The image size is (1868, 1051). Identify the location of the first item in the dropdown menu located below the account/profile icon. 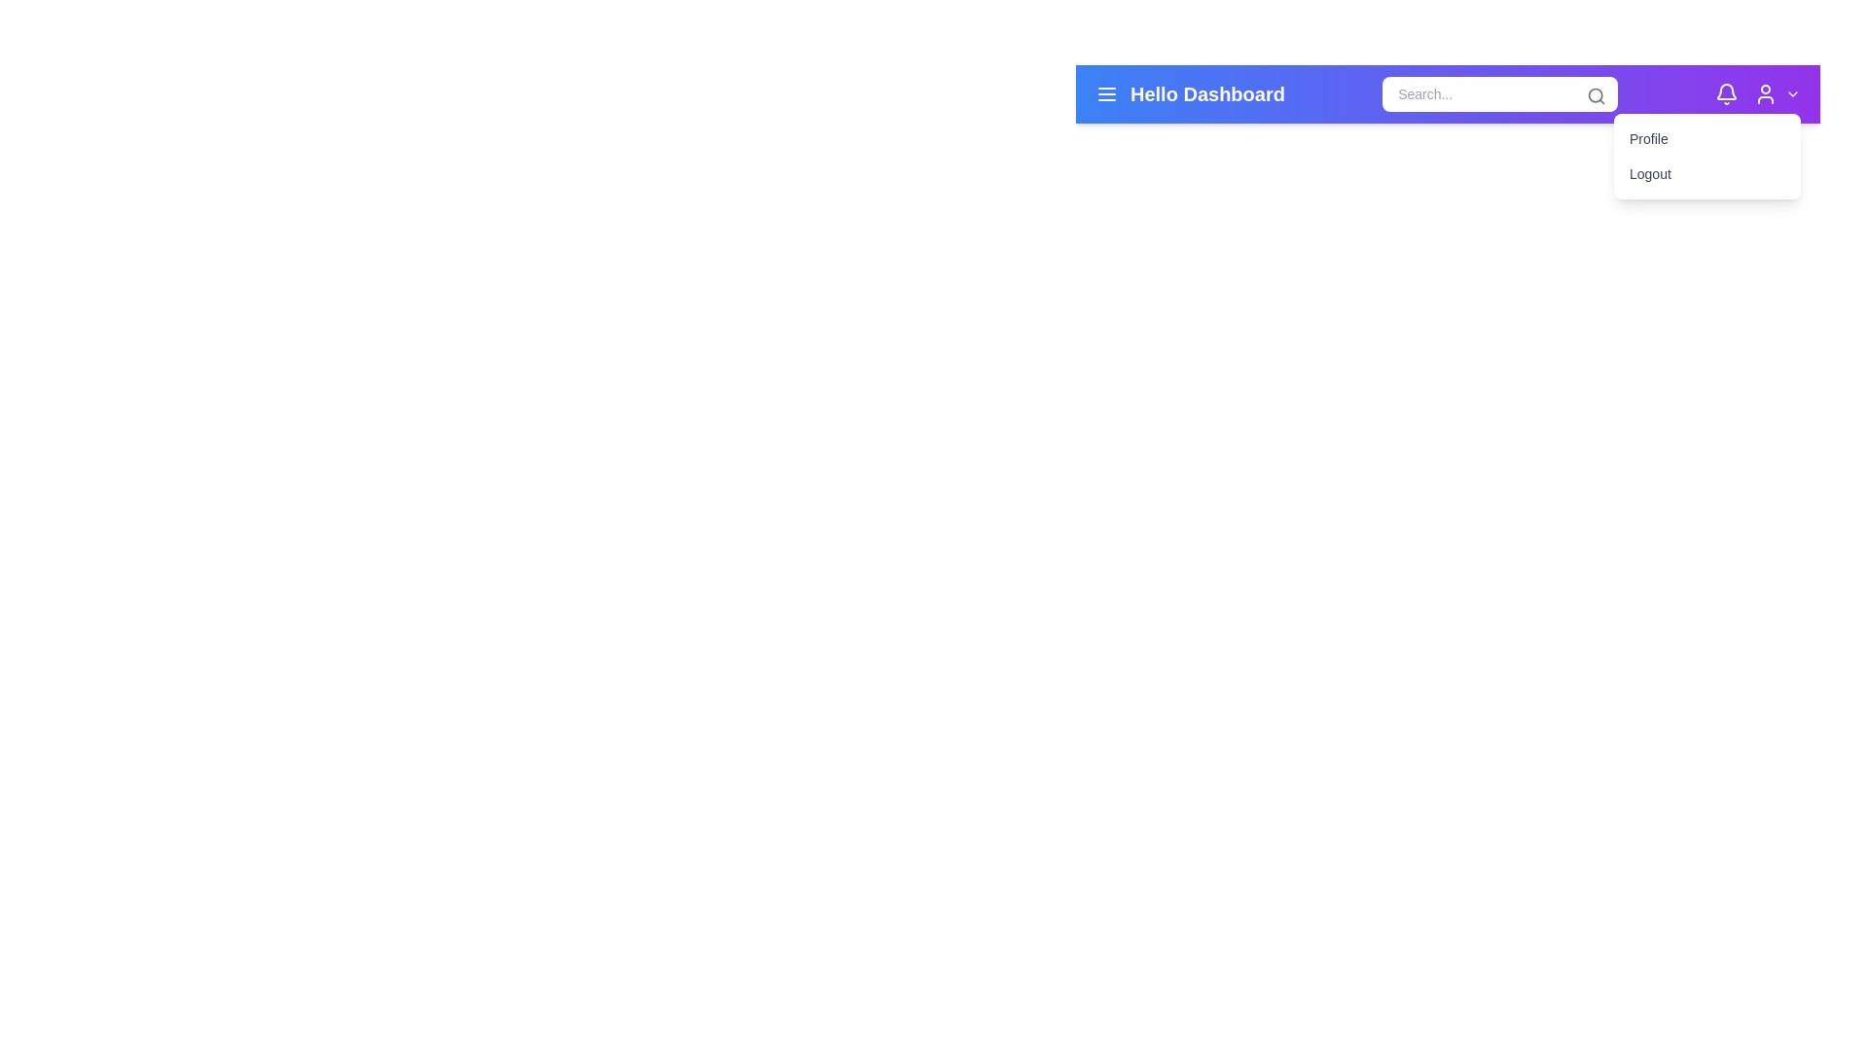
(1647, 137).